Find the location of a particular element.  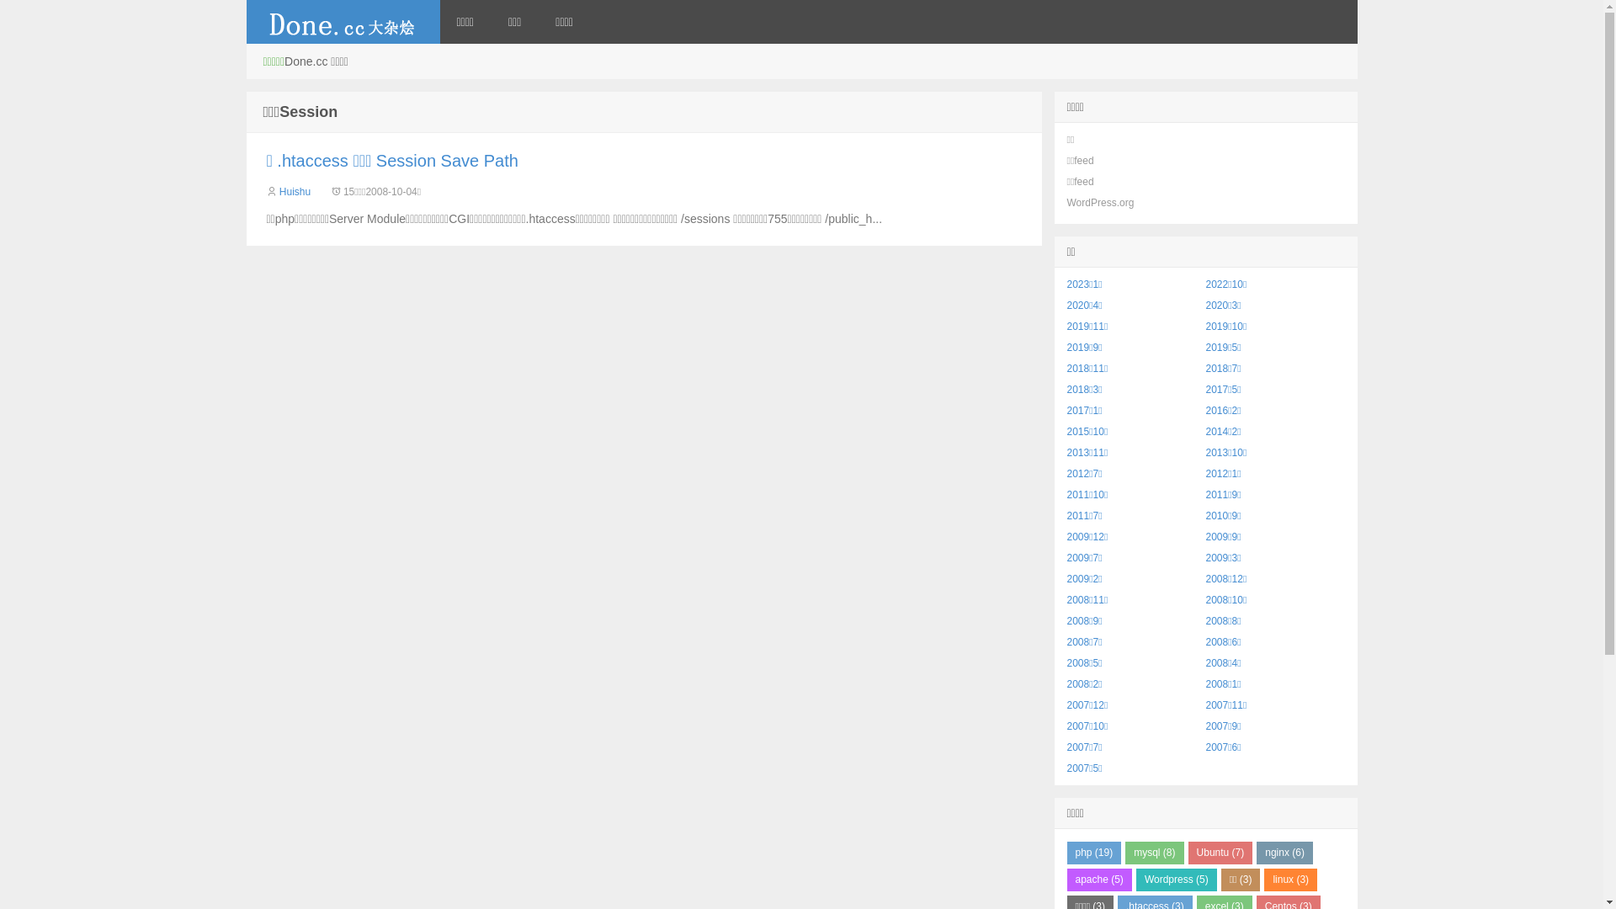

'Done.cc' is located at coordinates (342, 22).